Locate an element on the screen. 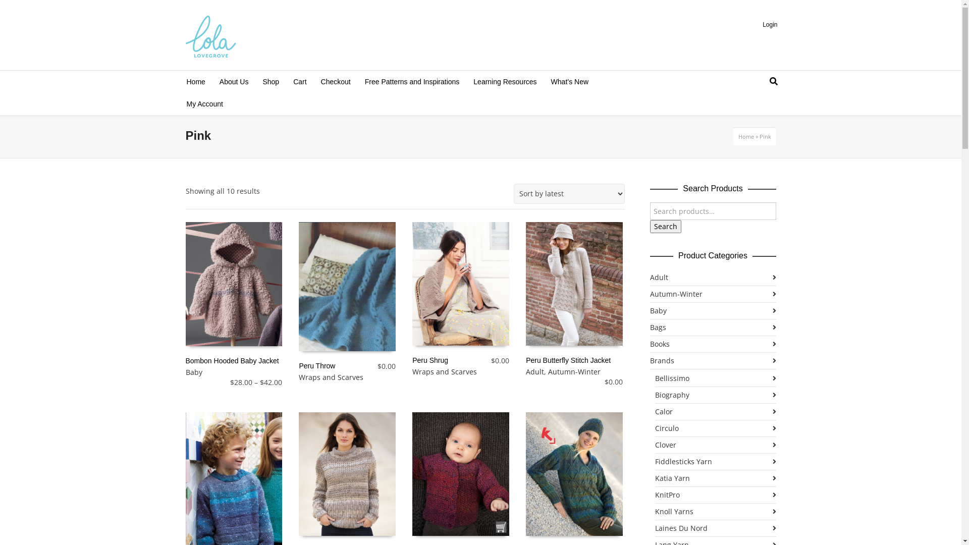  'Brands' is located at coordinates (712, 360).